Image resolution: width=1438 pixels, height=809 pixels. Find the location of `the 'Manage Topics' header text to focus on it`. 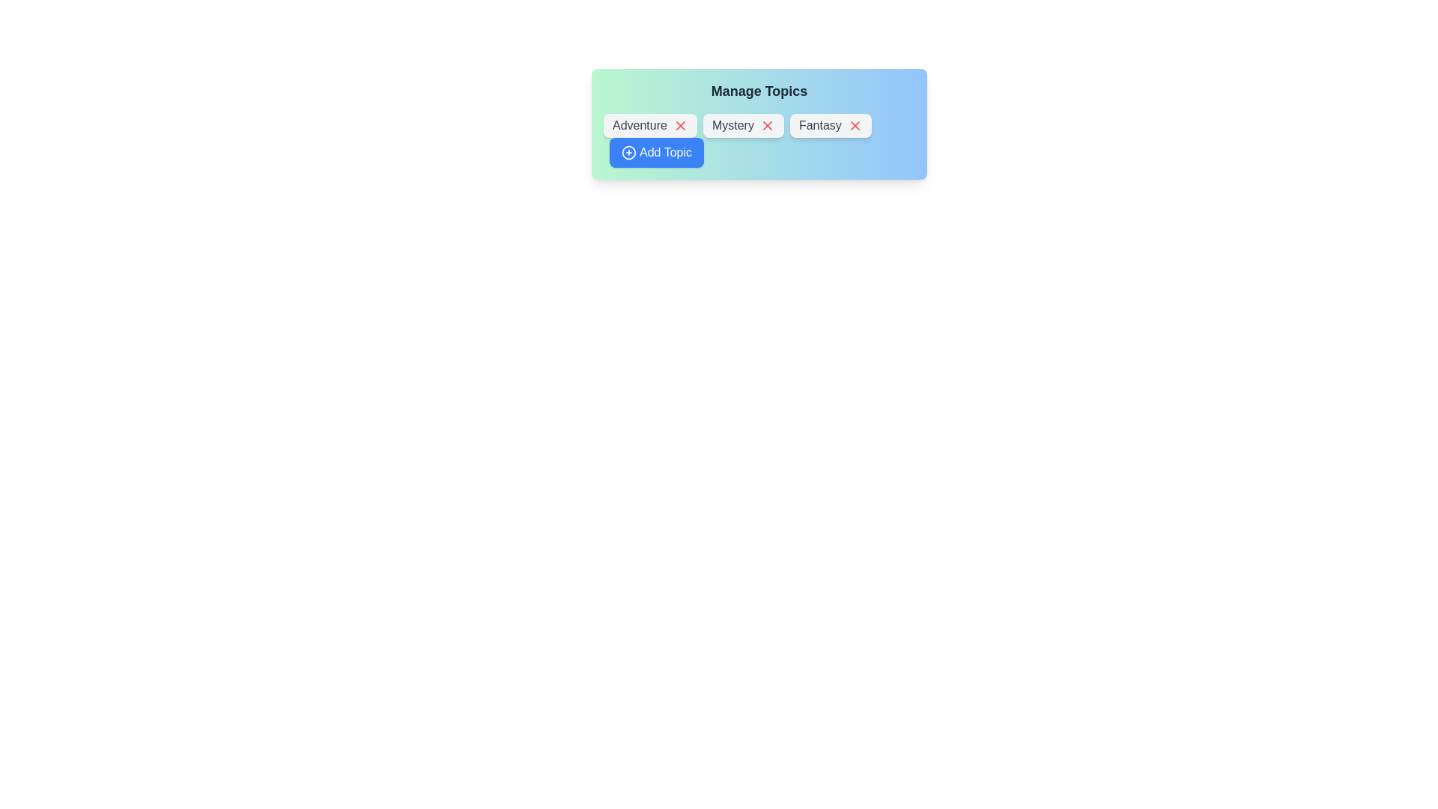

the 'Manage Topics' header text to focus on it is located at coordinates (759, 91).